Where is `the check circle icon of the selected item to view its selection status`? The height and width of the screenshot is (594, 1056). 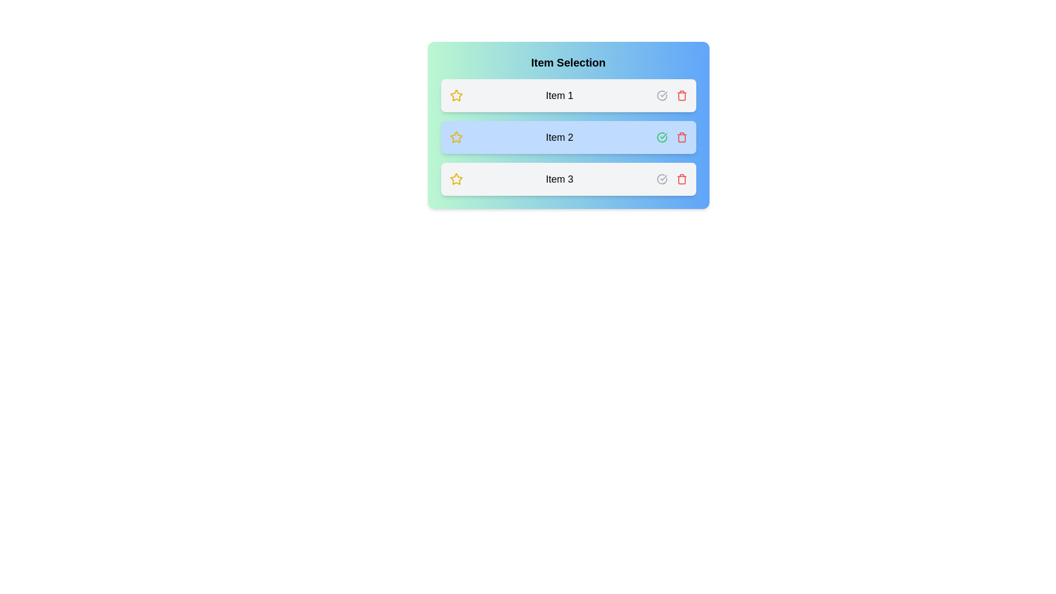
the check circle icon of the selected item to view its selection status is located at coordinates (661, 137).